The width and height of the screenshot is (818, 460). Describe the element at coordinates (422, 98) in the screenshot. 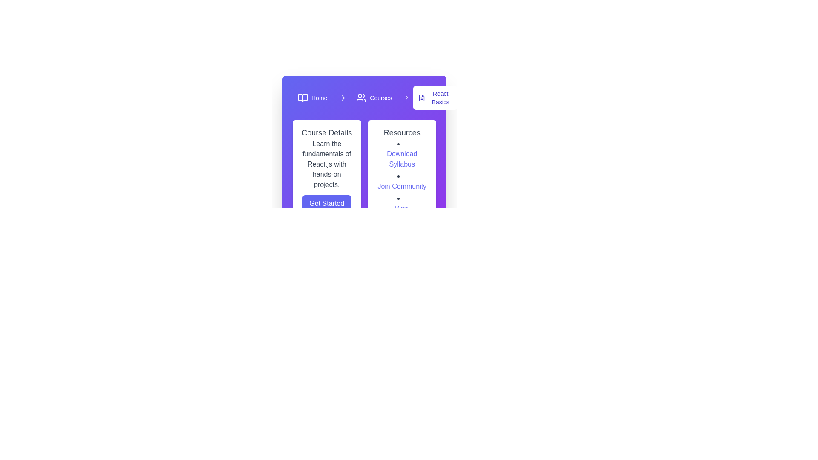

I see `the document icon in the breadcrumb navigation labeled 'React Basics'` at that location.